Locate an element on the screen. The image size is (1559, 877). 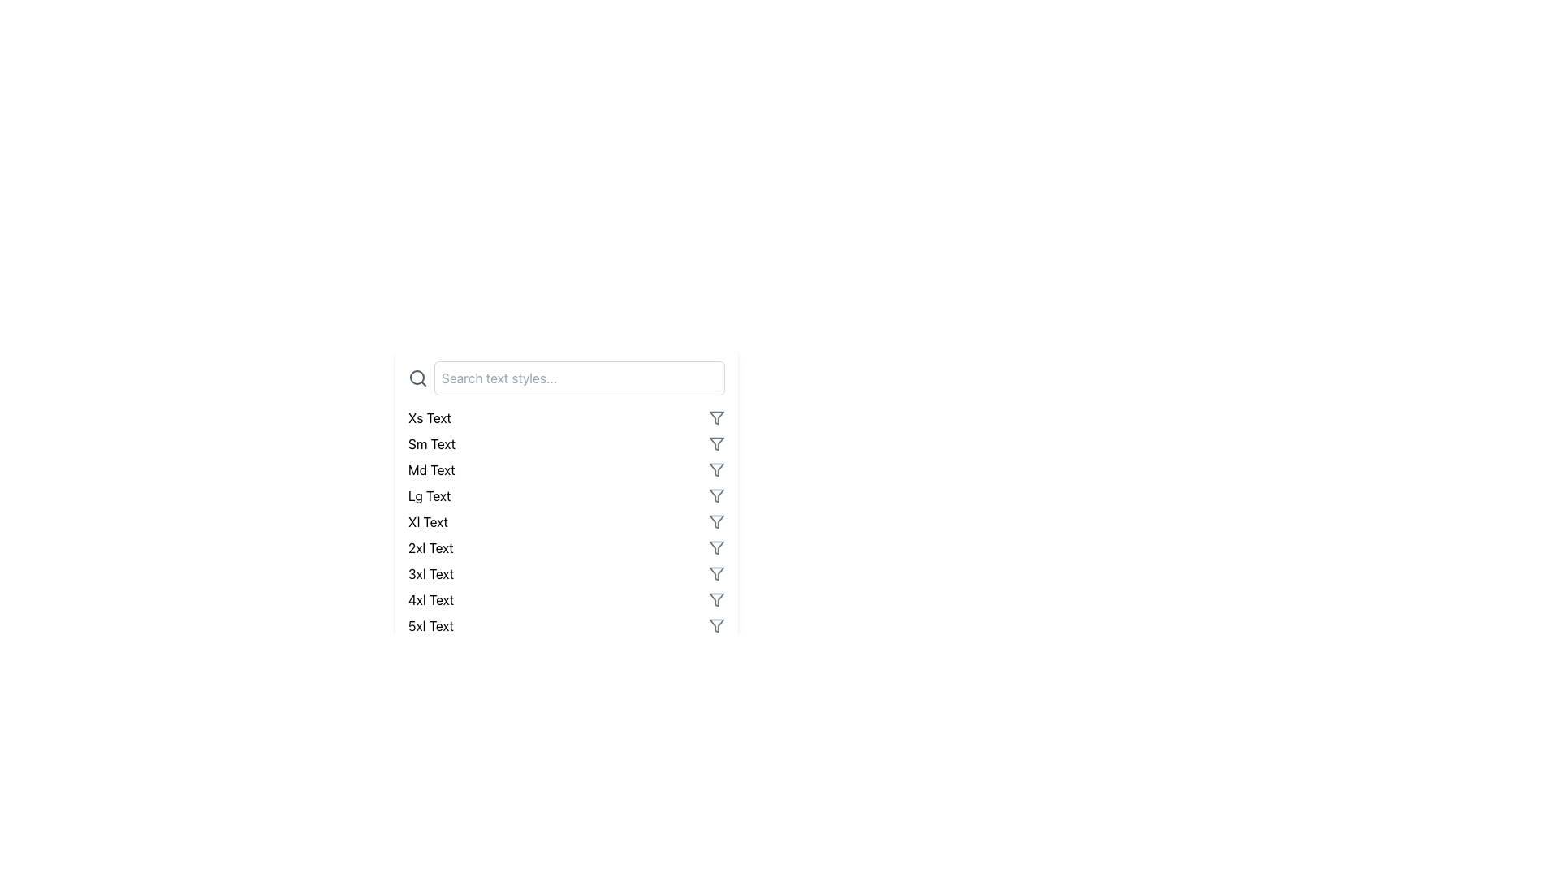
the Icon Button located on the right side of the 'Lg Text' item is located at coordinates (716, 495).